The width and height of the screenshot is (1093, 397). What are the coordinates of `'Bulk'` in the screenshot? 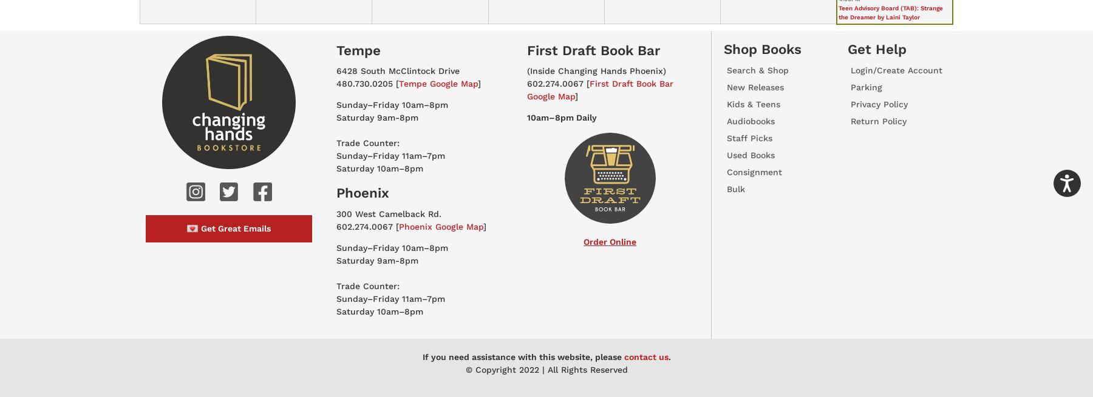 It's located at (735, 187).